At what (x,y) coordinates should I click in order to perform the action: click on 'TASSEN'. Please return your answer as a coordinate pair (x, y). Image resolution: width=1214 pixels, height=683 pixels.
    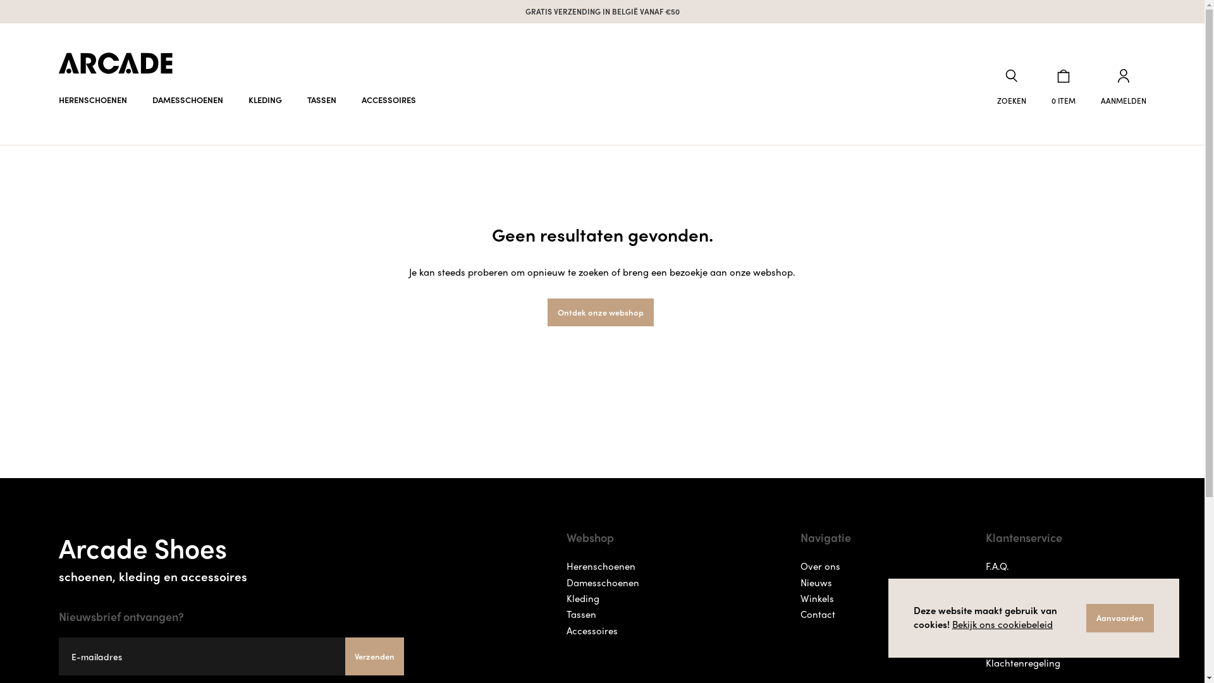
    Looking at the image, I should click on (321, 99).